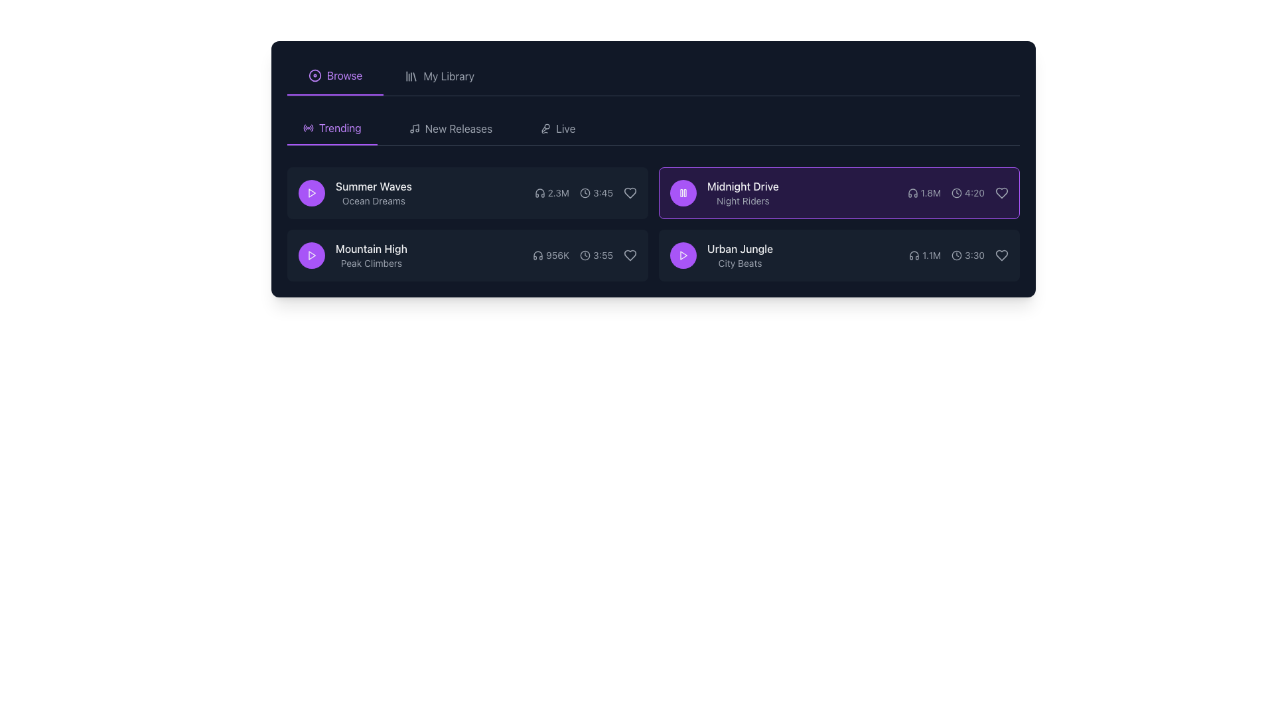  Describe the element at coordinates (585, 256) in the screenshot. I see `the time indicator icon for the song 'Mountain High', which displays the time label '3:55'` at that location.